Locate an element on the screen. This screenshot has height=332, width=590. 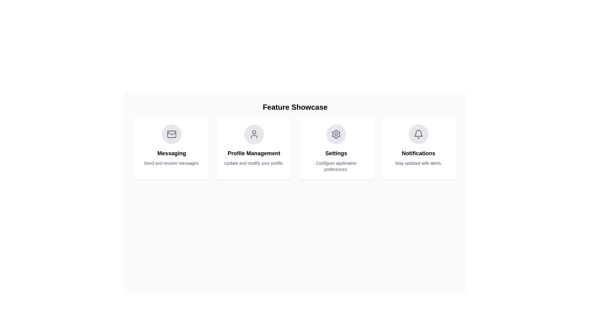
the first informational card in the top-left corner of the grid layout is located at coordinates (171, 148).